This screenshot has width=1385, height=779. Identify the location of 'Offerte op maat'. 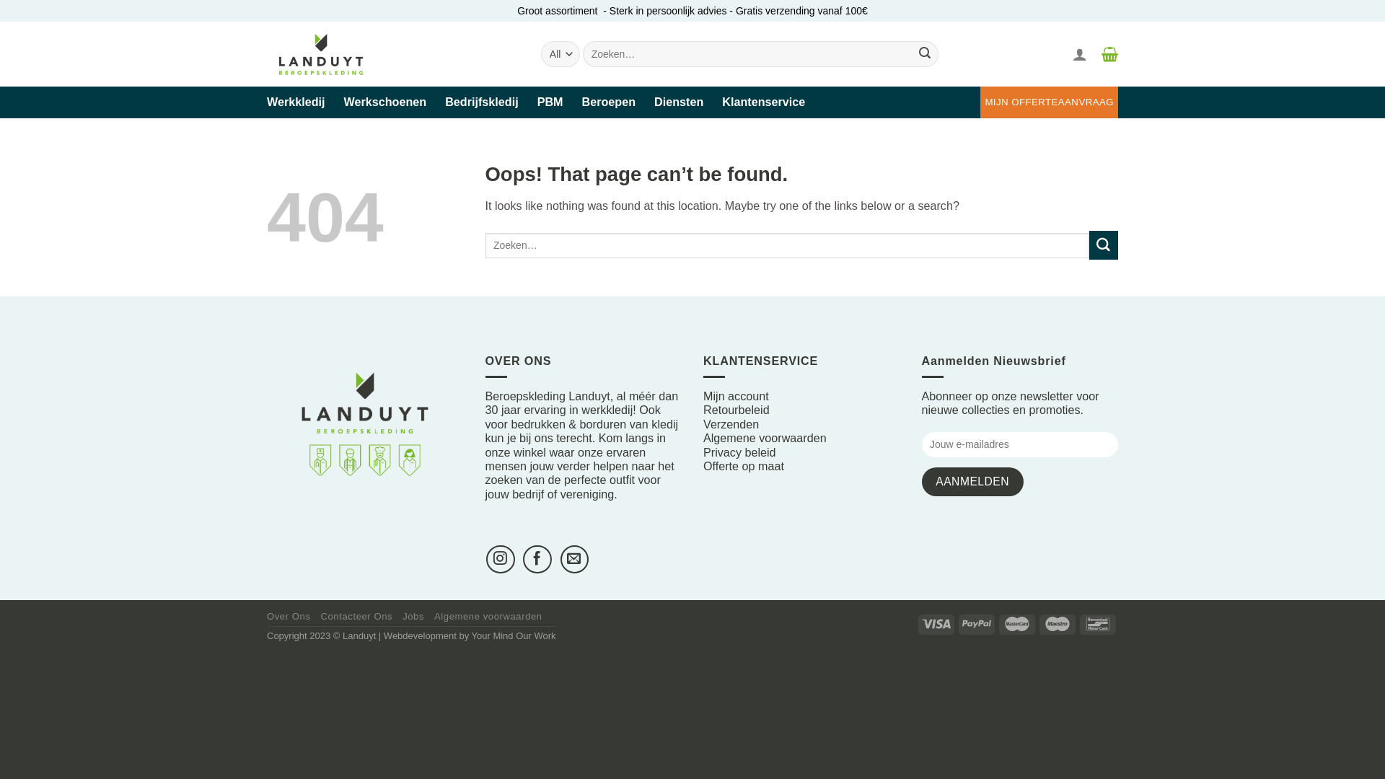
(744, 465).